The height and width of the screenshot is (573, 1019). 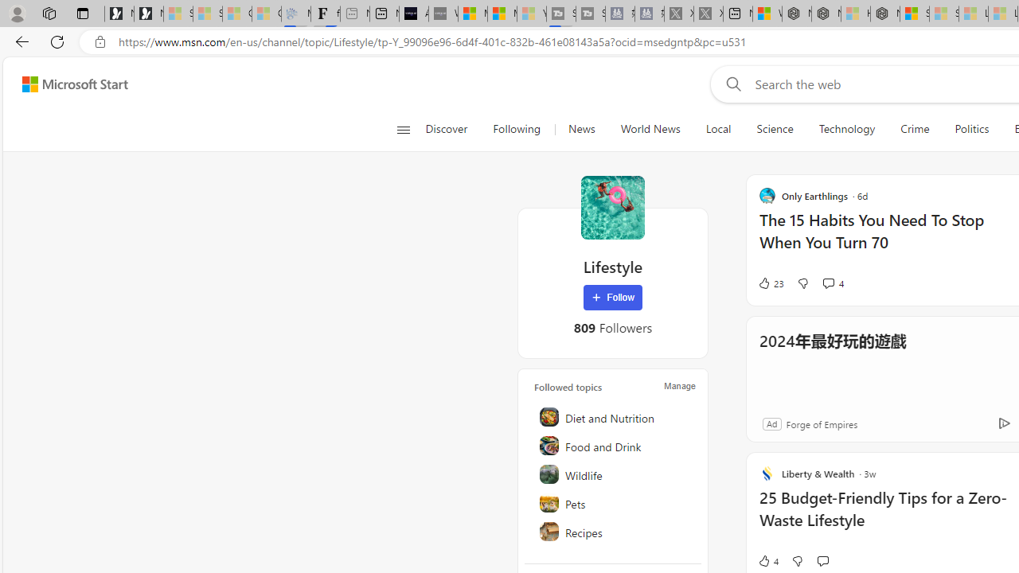 I want to click on 'Local', so click(x=717, y=129).